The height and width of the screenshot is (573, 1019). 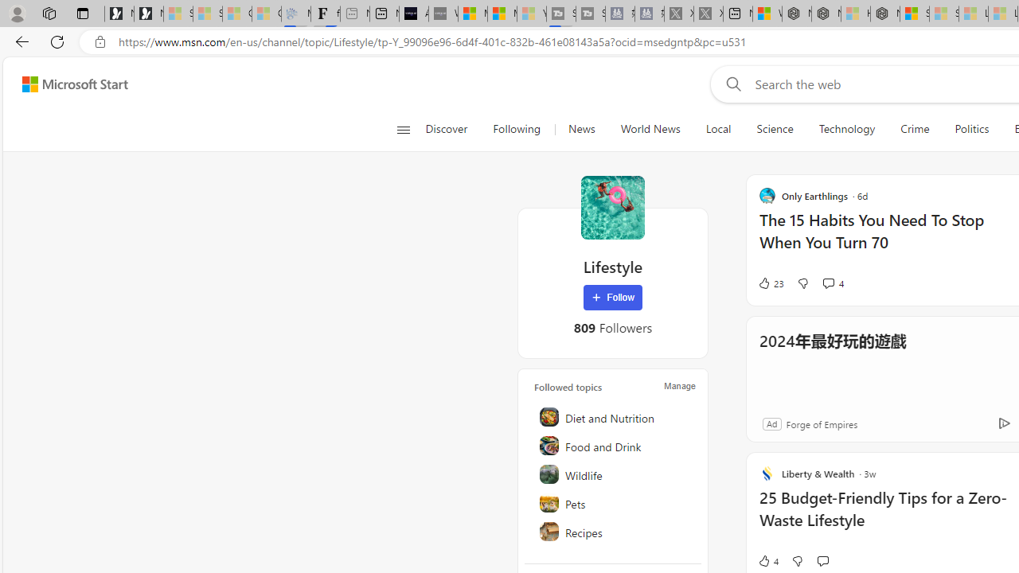 I want to click on 'Local', so click(x=717, y=129).